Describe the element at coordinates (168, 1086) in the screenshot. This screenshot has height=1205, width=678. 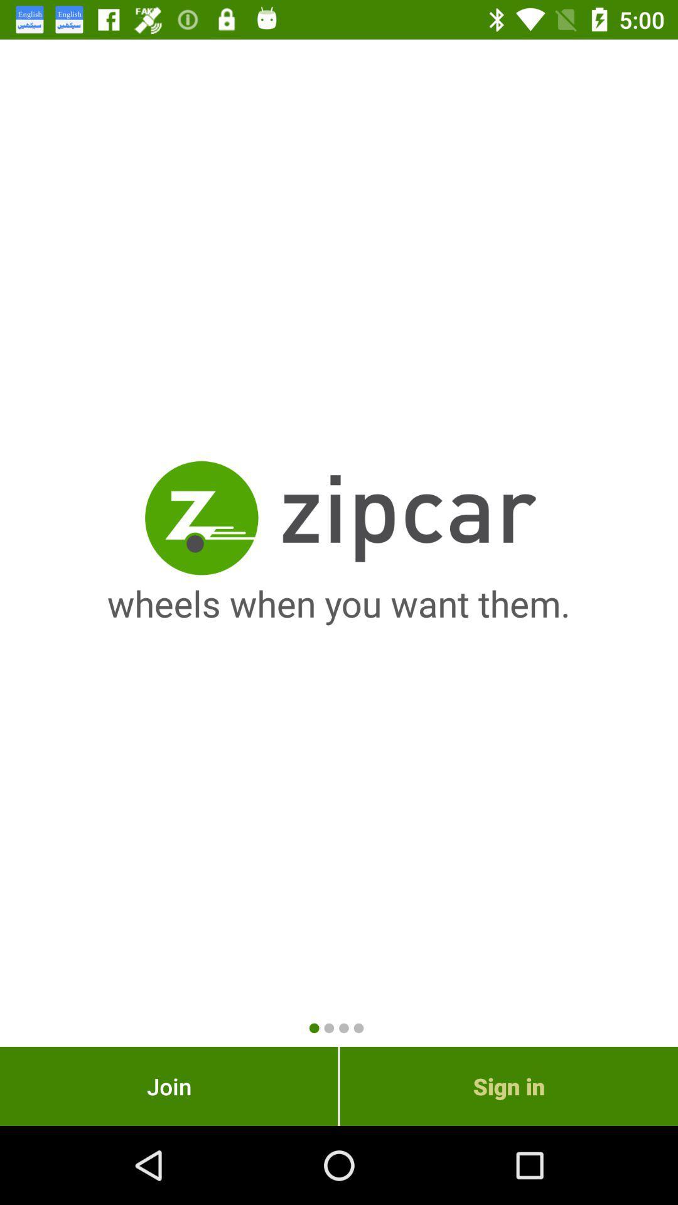
I see `icon next to the sign in` at that location.